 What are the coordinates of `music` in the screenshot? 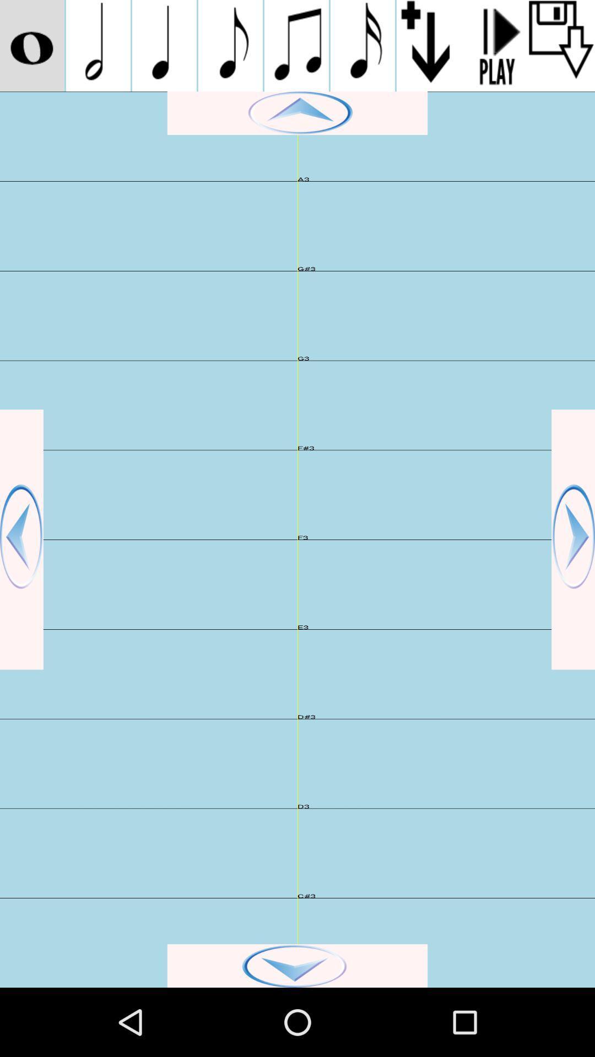 It's located at (296, 45).